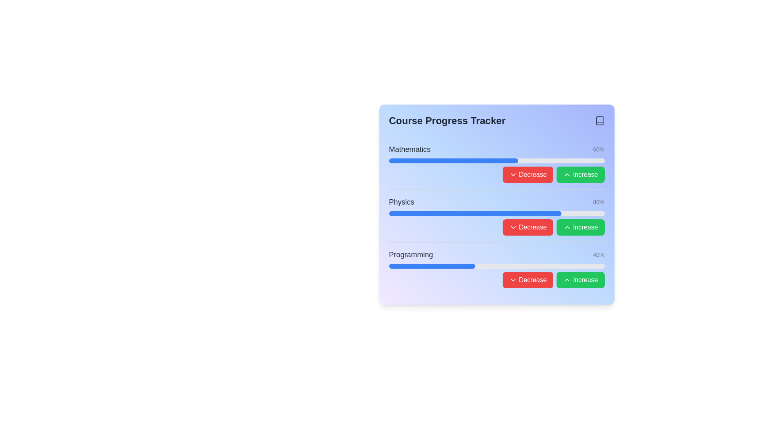 This screenshot has width=784, height=441. What do you see at coordinates (432, 266) in the screenshot?
I see `the Progress bar indicating 40% completion for the 'Programming' course in the Course Progress Tracker` at bounding box center [432, 266].